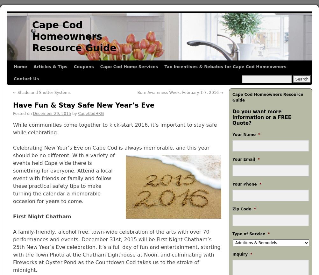  Describe the element at coordinates (64, 178) in the screenshot. I see `'With a variety of events held Cape wide there is something for everyone. Attend a local event with friends or family and follow these practical safety tips to make turning the calendar a memorable occasion for years to come.'` at that location.